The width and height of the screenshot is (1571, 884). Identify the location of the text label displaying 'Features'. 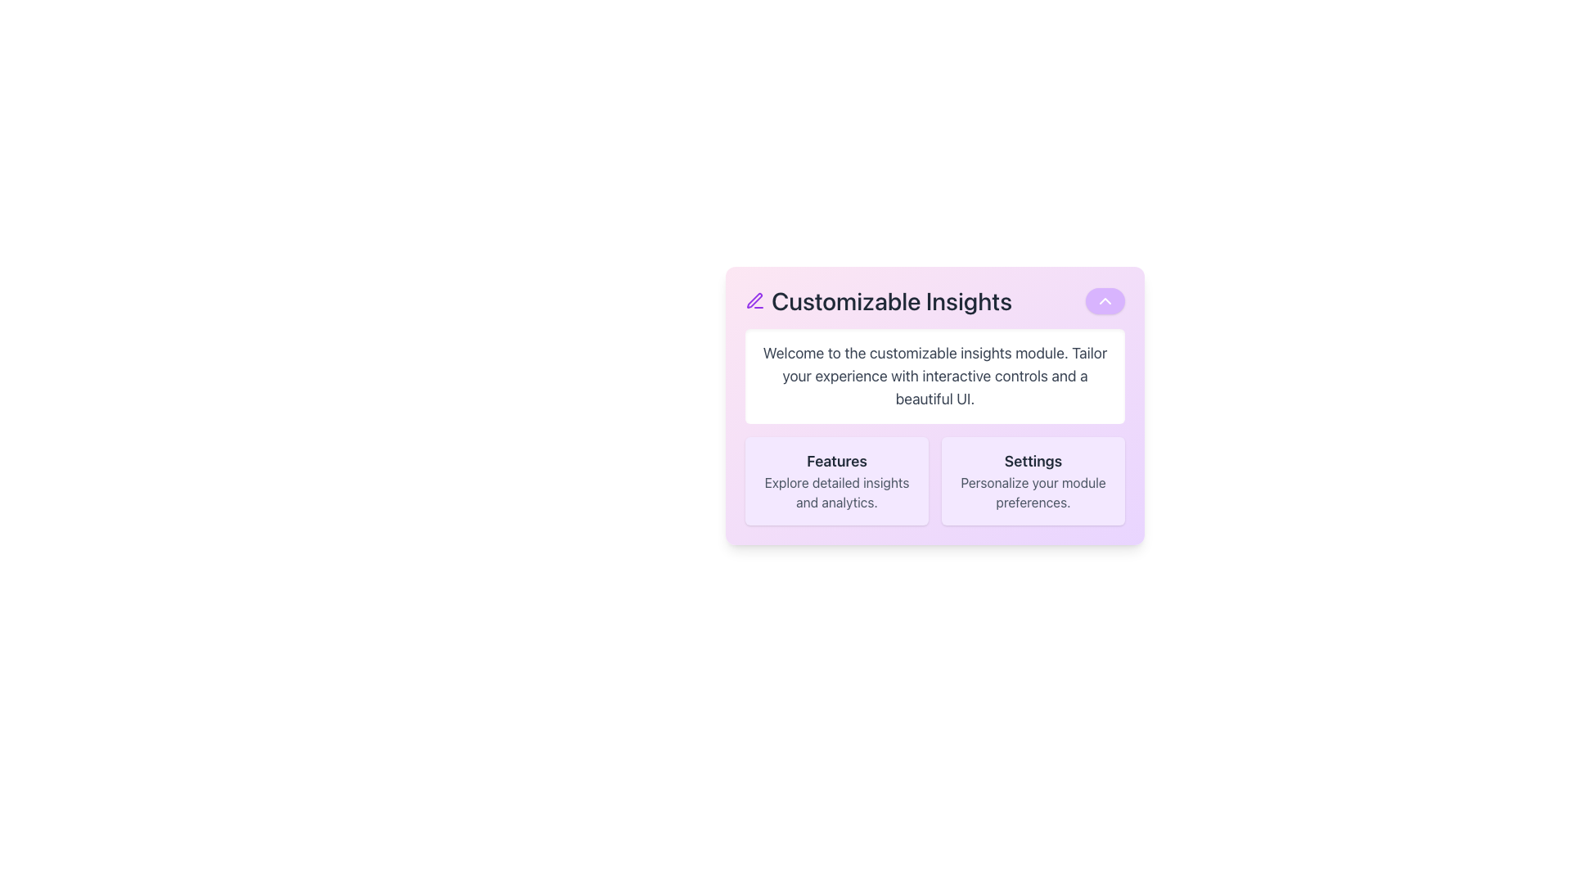
(836, 461).